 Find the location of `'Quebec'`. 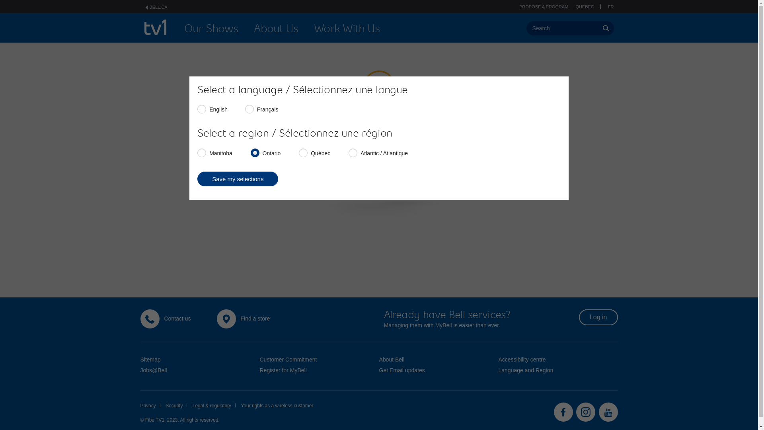

'Quebec' is located at coordinates (301, 151).